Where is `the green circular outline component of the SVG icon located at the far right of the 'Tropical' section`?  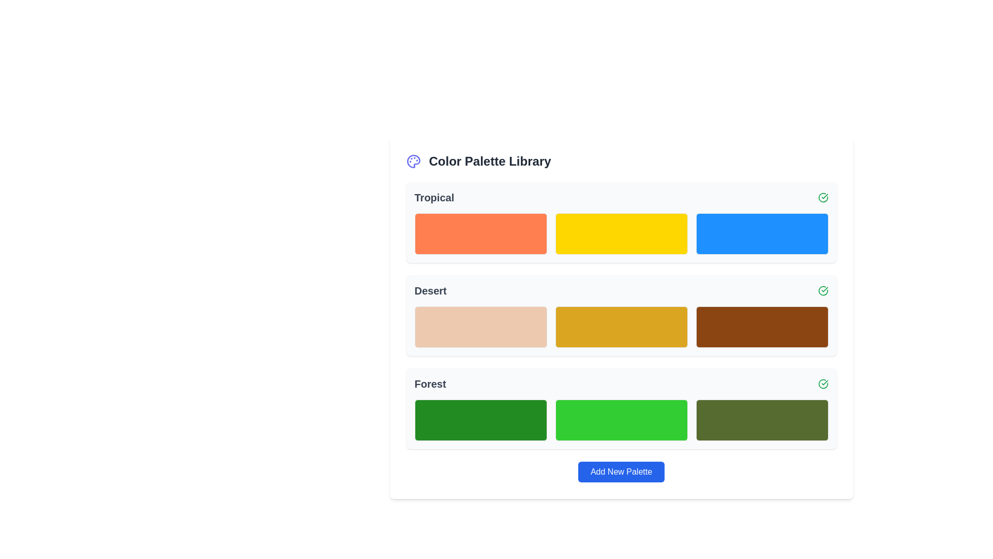
the green circular outline component of the SVG icon located at the far right of the 'Tropical' section is located at coordinates (822, 291).